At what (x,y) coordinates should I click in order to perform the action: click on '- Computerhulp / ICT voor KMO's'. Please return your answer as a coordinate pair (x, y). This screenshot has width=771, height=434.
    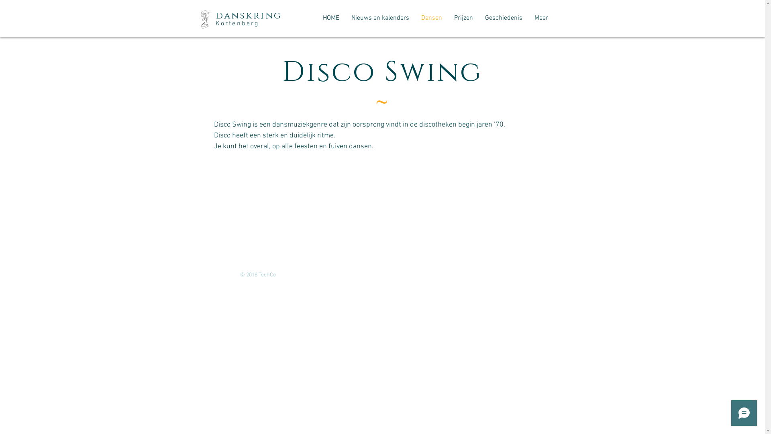
    Looking at the image, I should click on (315, 274).